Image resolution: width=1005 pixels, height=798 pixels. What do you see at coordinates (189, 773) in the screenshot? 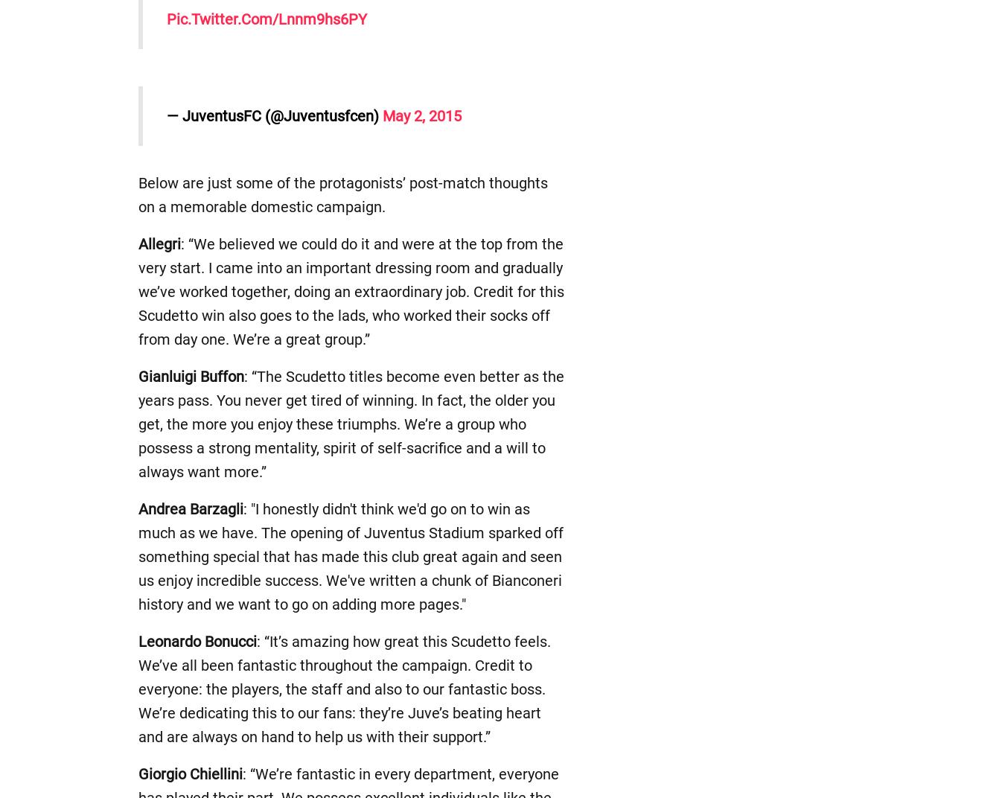
I see `'Giorgio Chiellini'` at bounding box center [189, 773].